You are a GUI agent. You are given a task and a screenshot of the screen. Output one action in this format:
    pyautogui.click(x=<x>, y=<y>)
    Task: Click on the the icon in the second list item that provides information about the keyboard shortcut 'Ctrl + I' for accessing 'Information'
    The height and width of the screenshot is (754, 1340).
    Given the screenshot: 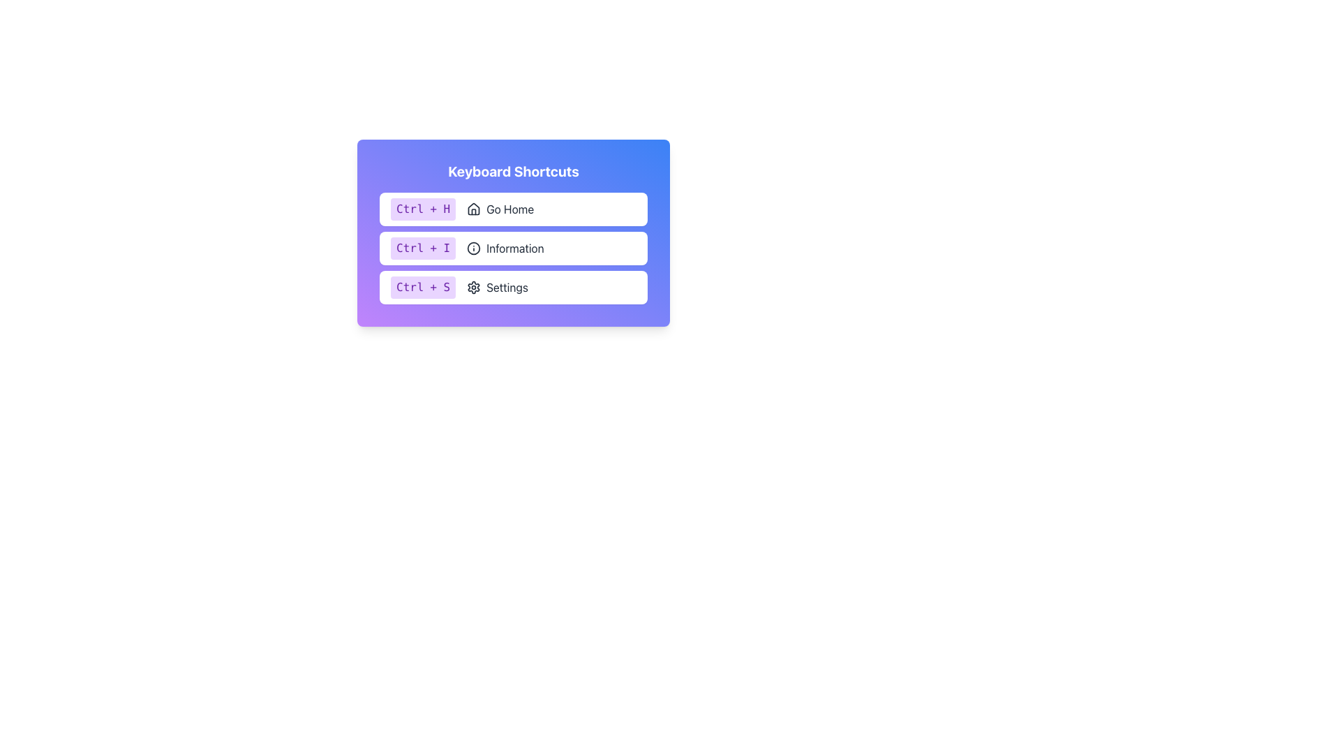 What is the action you would take?
    pyautogui.click(x=512, y=247)
    